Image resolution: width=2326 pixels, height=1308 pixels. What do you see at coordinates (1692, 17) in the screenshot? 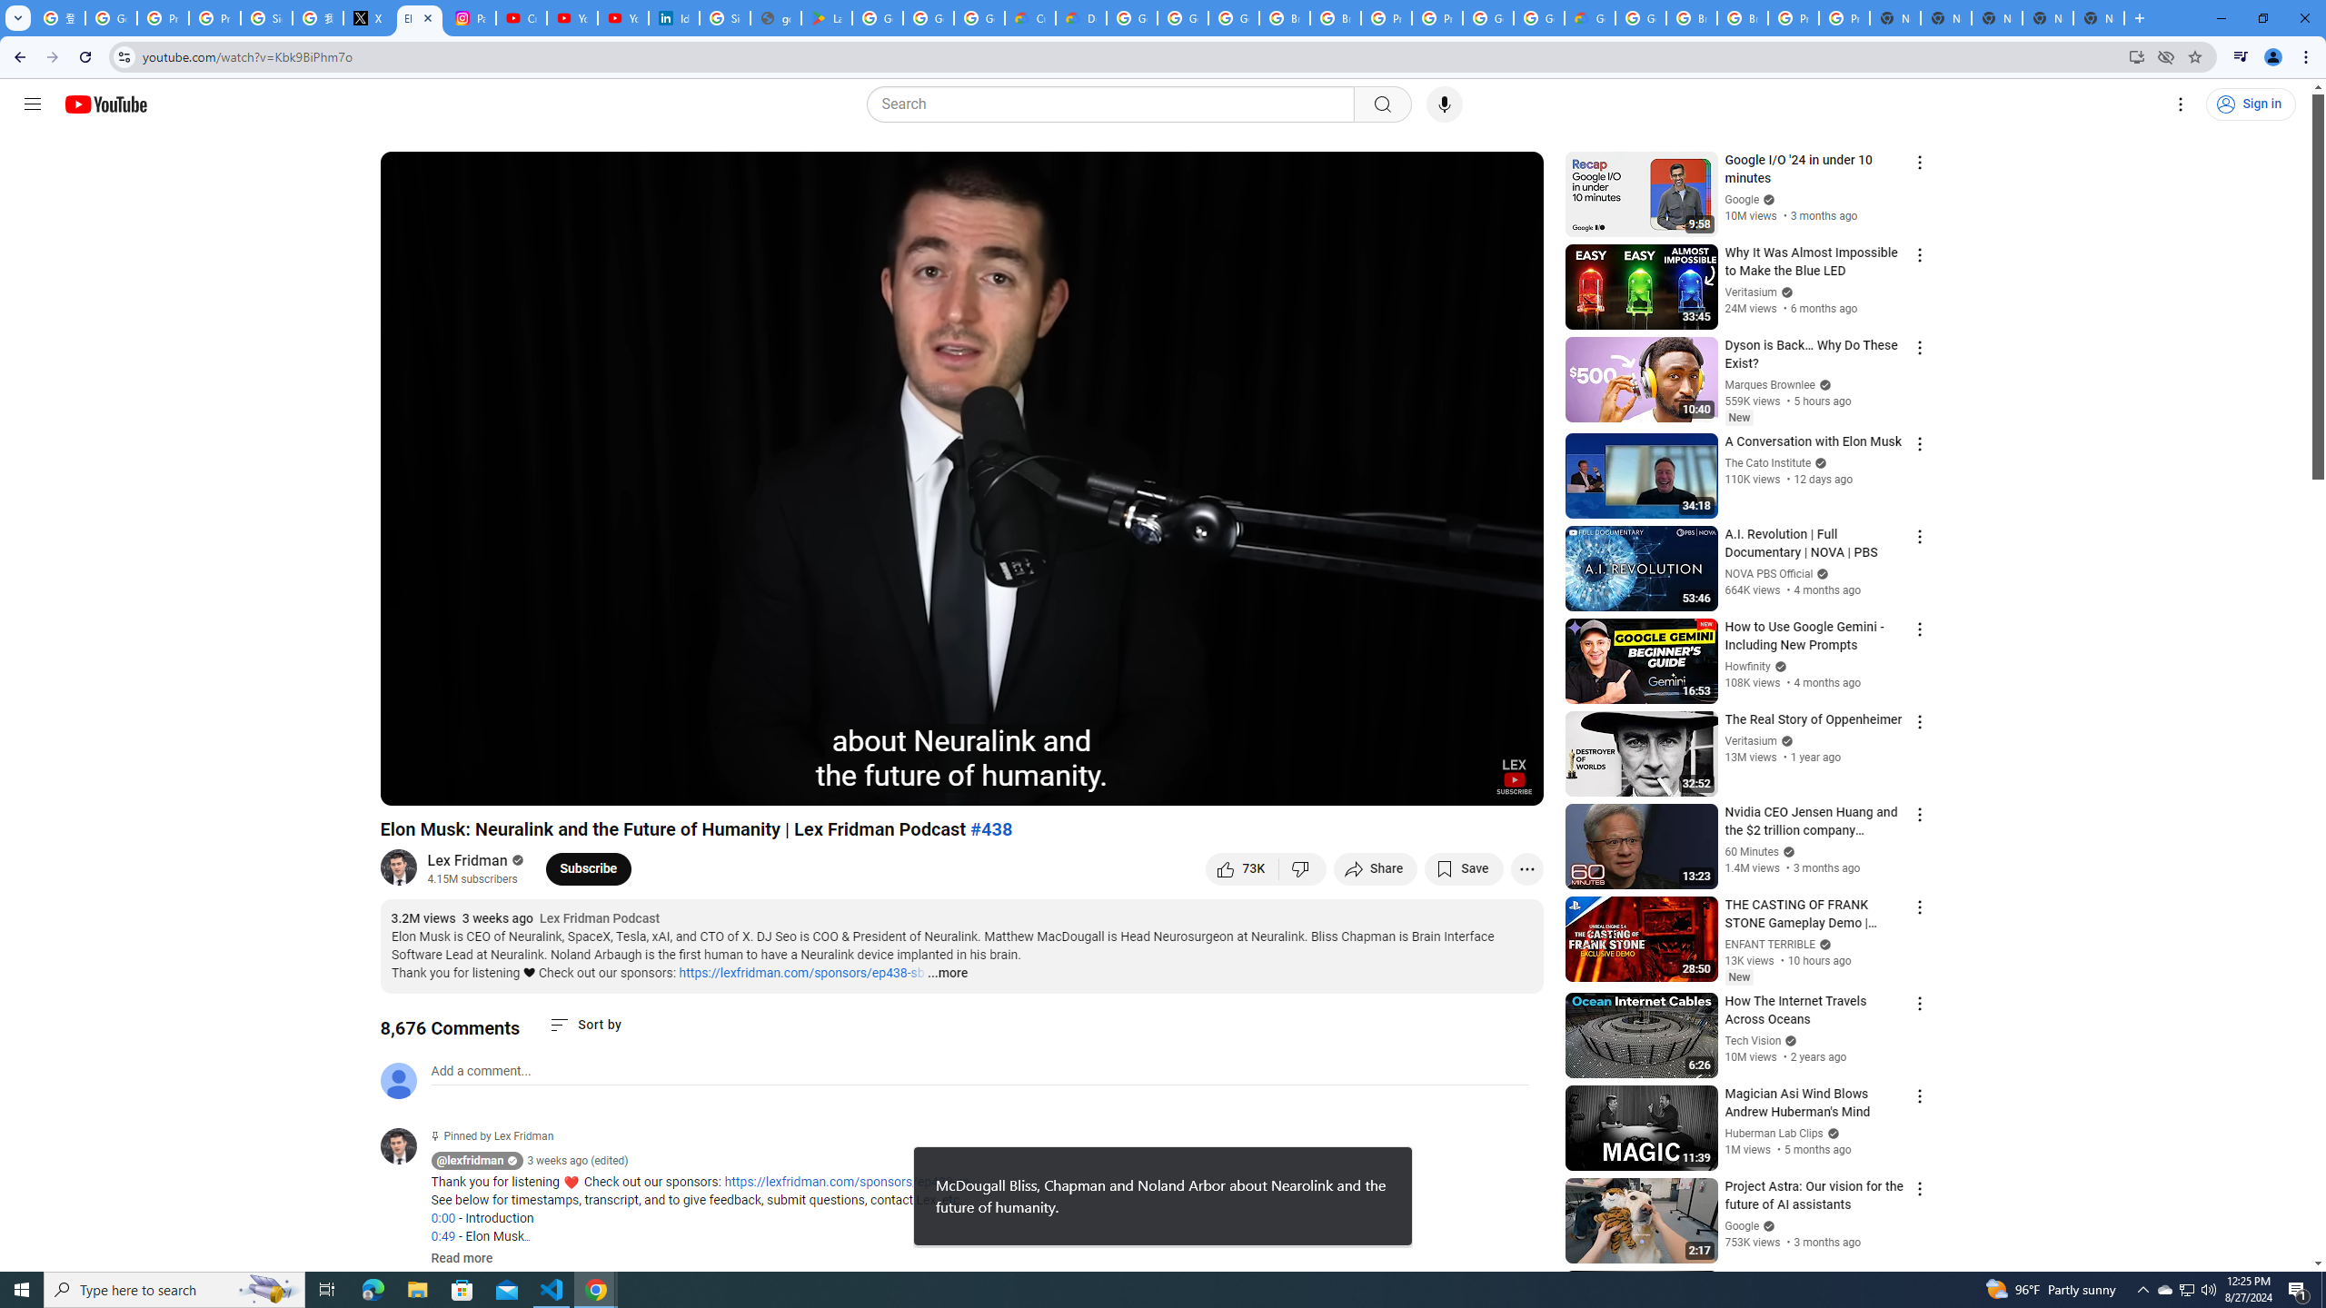
I see `'Browse Chrome as a guest - Computer - Google Chrome Help'` at bounding box center [1692, 17].